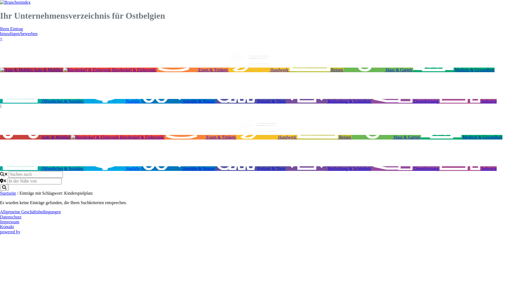 This screenshot has width=520, height=292. Describe the element at coordinates (8, 193) in the screenshot. I see `'Startseite'` at that location.